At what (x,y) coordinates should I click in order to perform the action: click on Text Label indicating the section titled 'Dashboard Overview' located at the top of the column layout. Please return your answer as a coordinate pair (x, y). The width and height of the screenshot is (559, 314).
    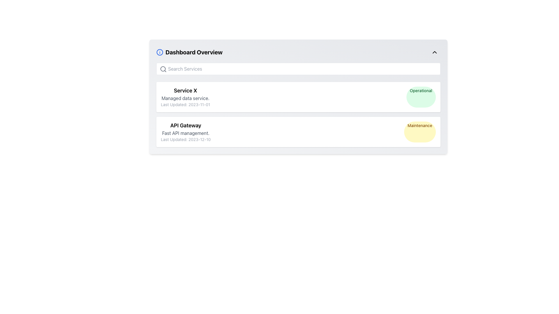
    Looking at the image, I should click on (194, 52).